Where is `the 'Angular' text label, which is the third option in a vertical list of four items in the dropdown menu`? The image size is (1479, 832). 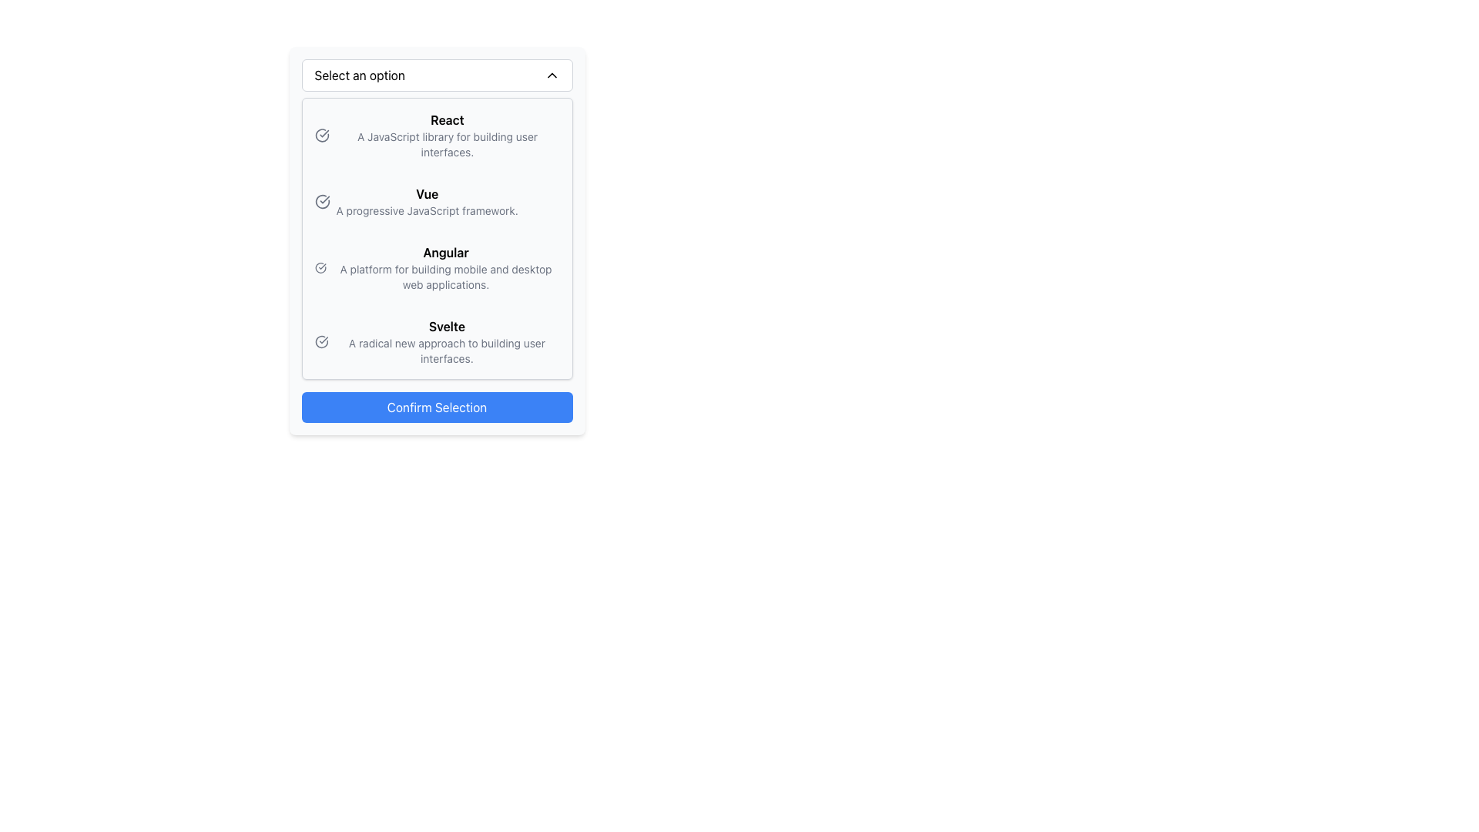
the 'Angular' text label, which is the third option in a vertical list of four items in the dropdown menu is located at coordinates (445, 267).